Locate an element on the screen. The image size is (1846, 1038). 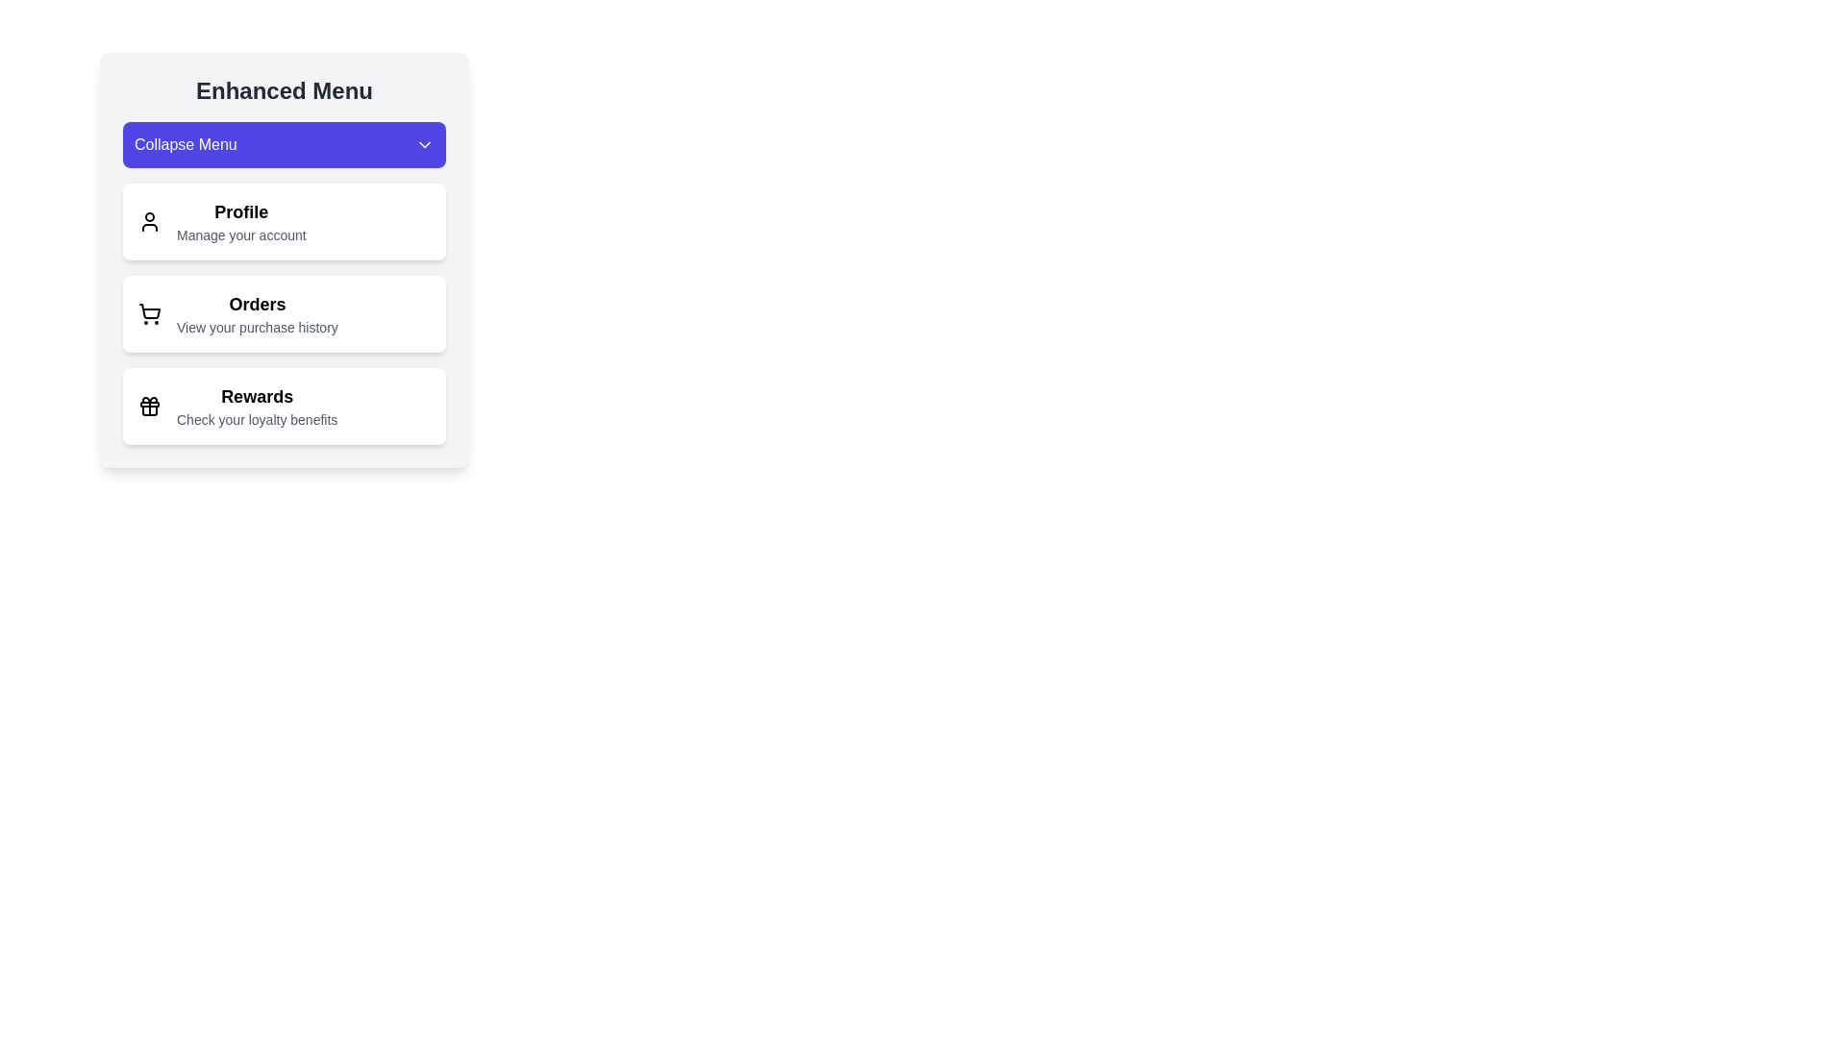
the decorative graphical element representing a horizontal ribbon in the 'Rewards' section of the gift icon is located at coordinates (149, 403).